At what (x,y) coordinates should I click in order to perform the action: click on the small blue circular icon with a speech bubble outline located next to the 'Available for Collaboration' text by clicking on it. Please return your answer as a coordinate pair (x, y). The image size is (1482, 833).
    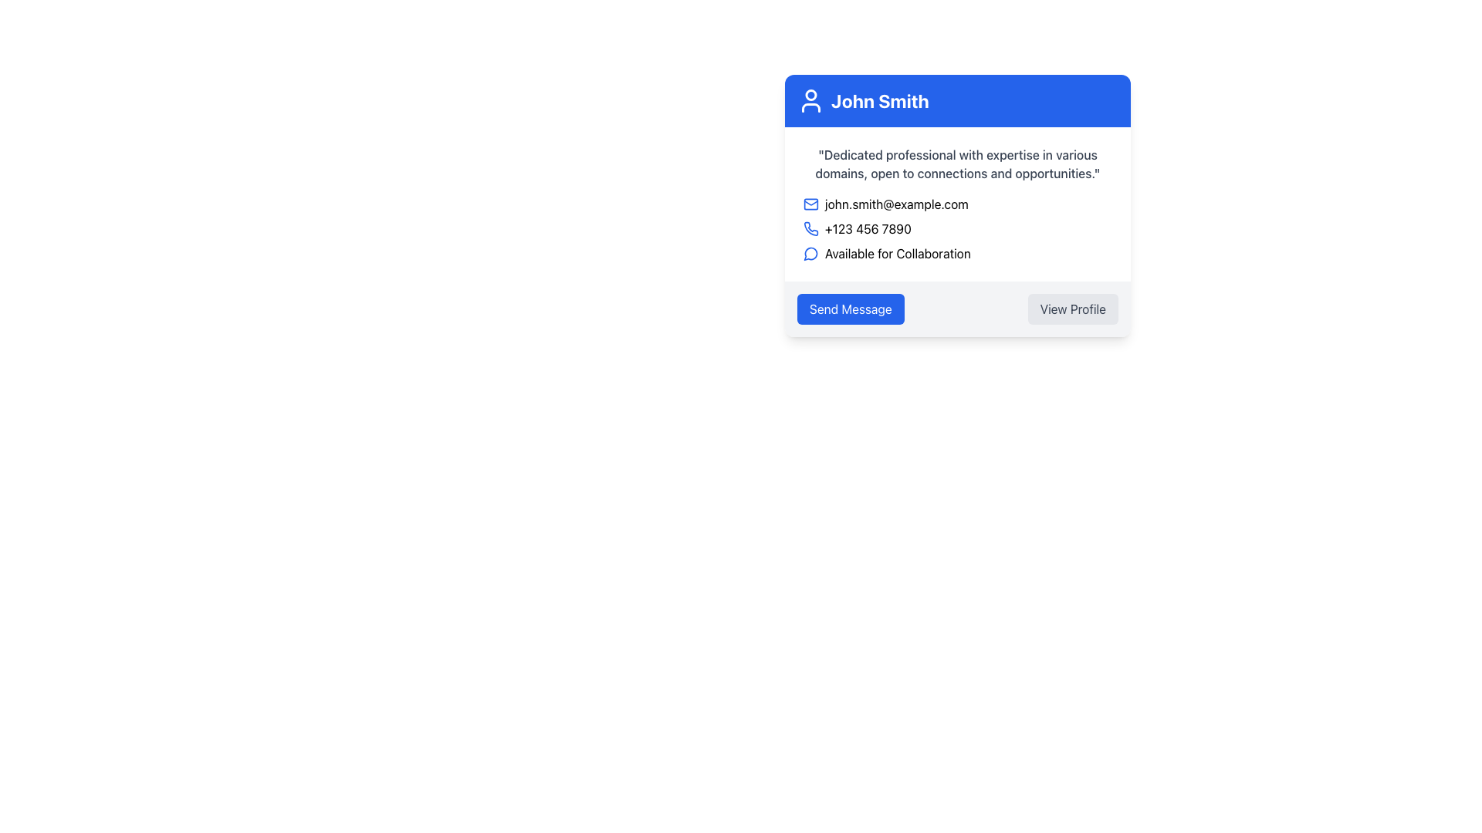
    Looking at the image, I should click on (810, 252).